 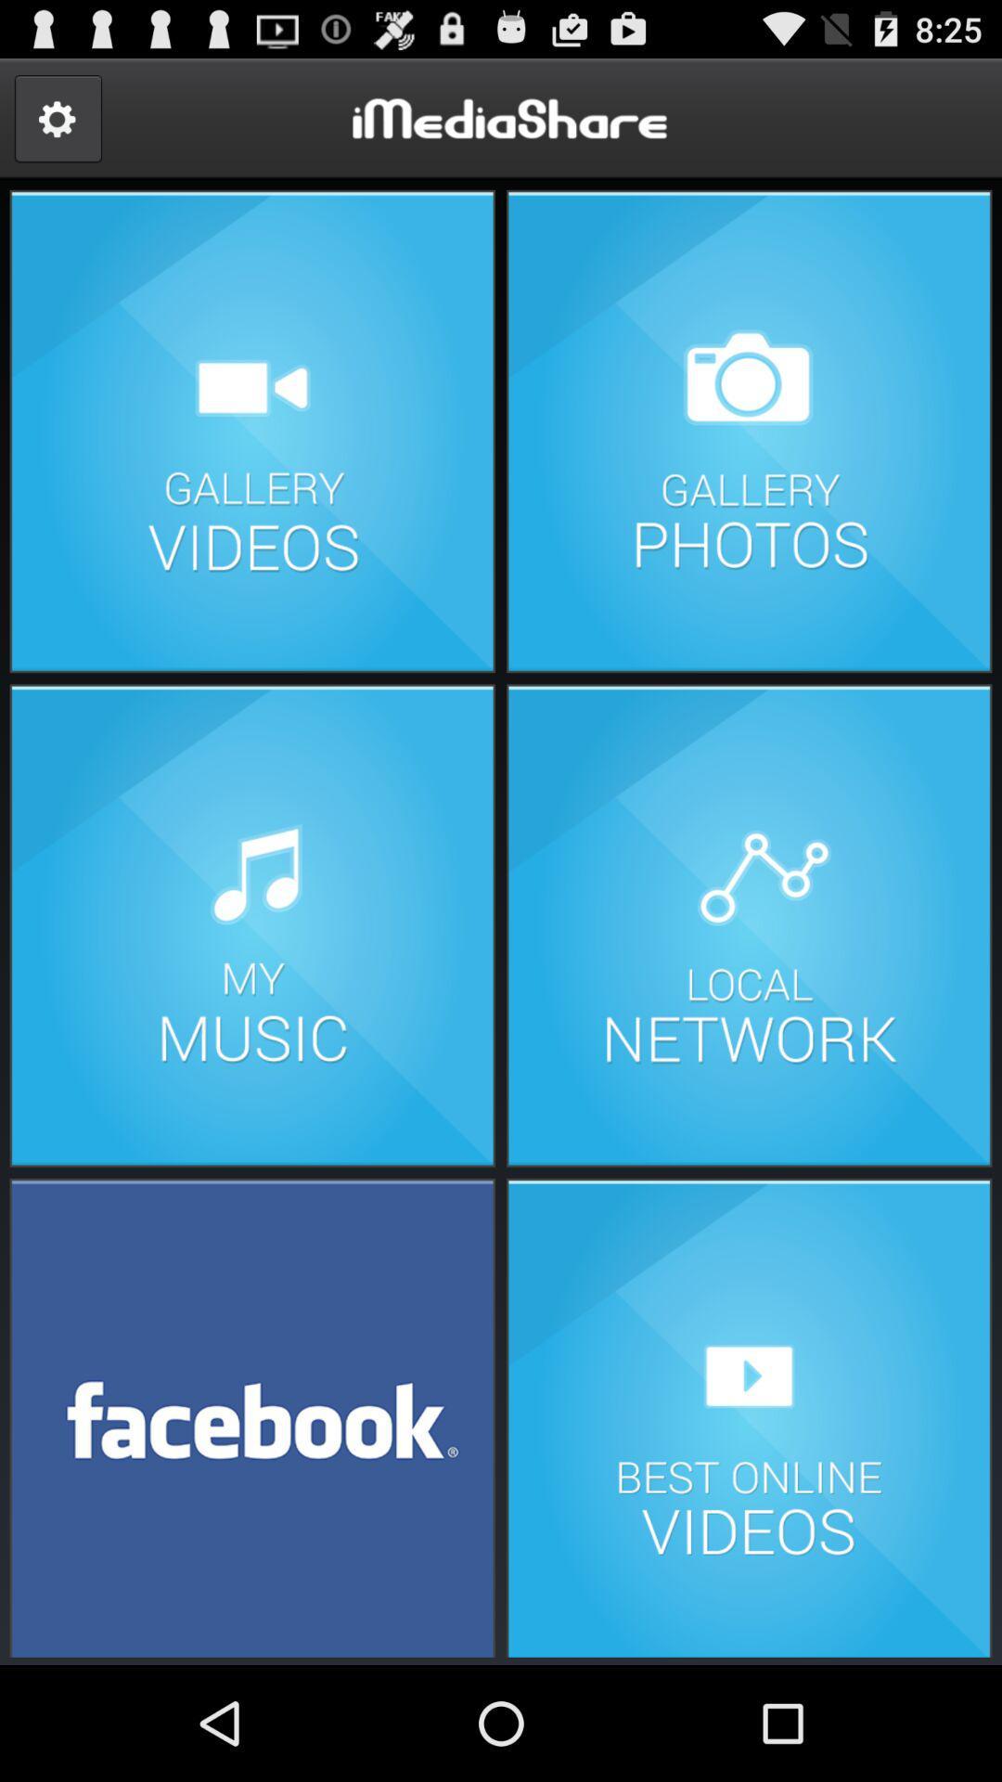 What do you see at coordinates (748, 1415) in the screenshot?
I see `best online videos` at bounding box center [748, 1415].